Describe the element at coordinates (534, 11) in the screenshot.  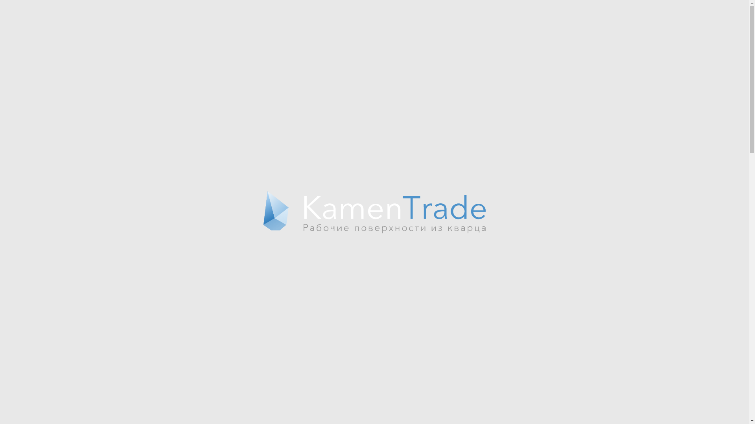
I see `'+375 (44) 588-08-80'` at that location.